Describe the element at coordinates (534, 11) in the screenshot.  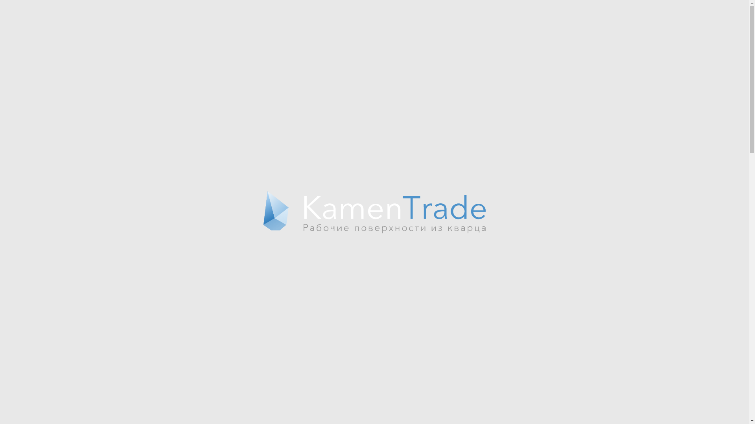
I see `'+375 (44) 588-08-80'` at that location.